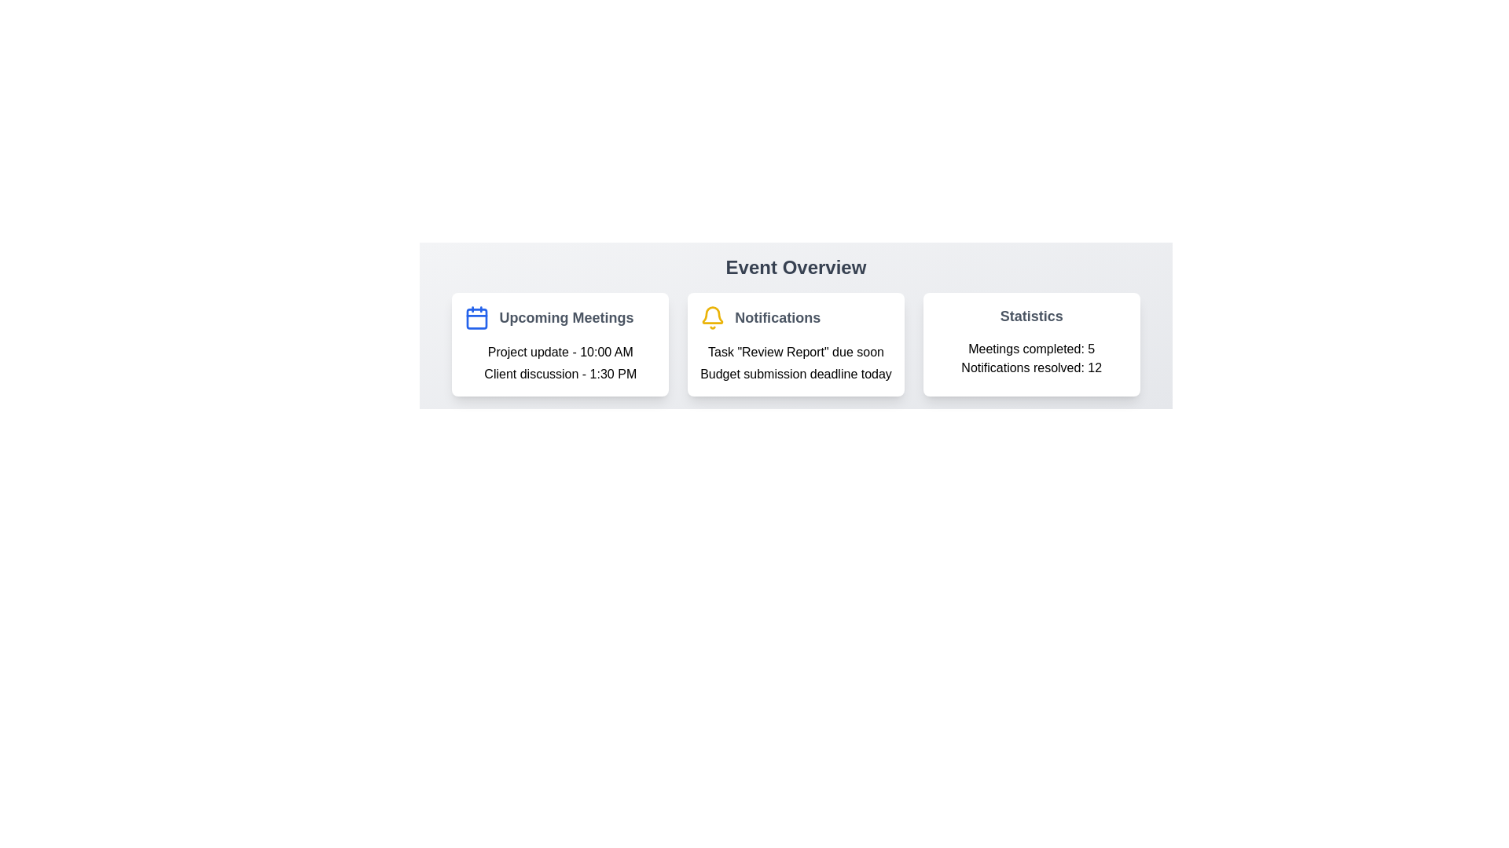  What do you see at coordinates (566, 318) in the screenshot?
I see `the 'Upcoming Meetings' heading text label, which is located to the right of a blue calendar icon in the first section of the horizontal row of cards under the 'Event Overview' main heading` at bounding box center [566, 318].